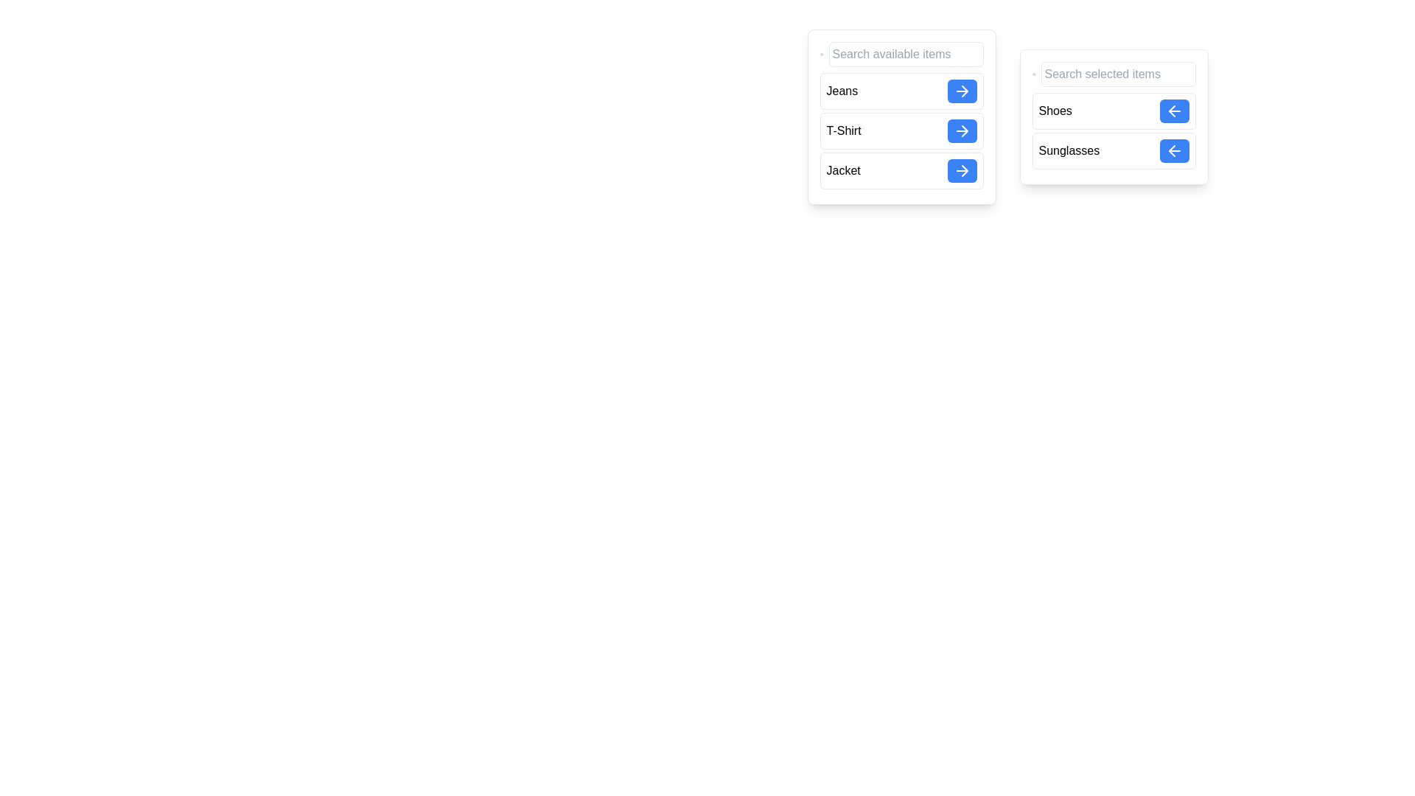 This screenshot has width=1415, height=796. I want to click on the leftward-pointing arrow icon in the rightmost column of the interface that indicates a back or undo action related to removing an item from the selected items list, so click(1170, 150).